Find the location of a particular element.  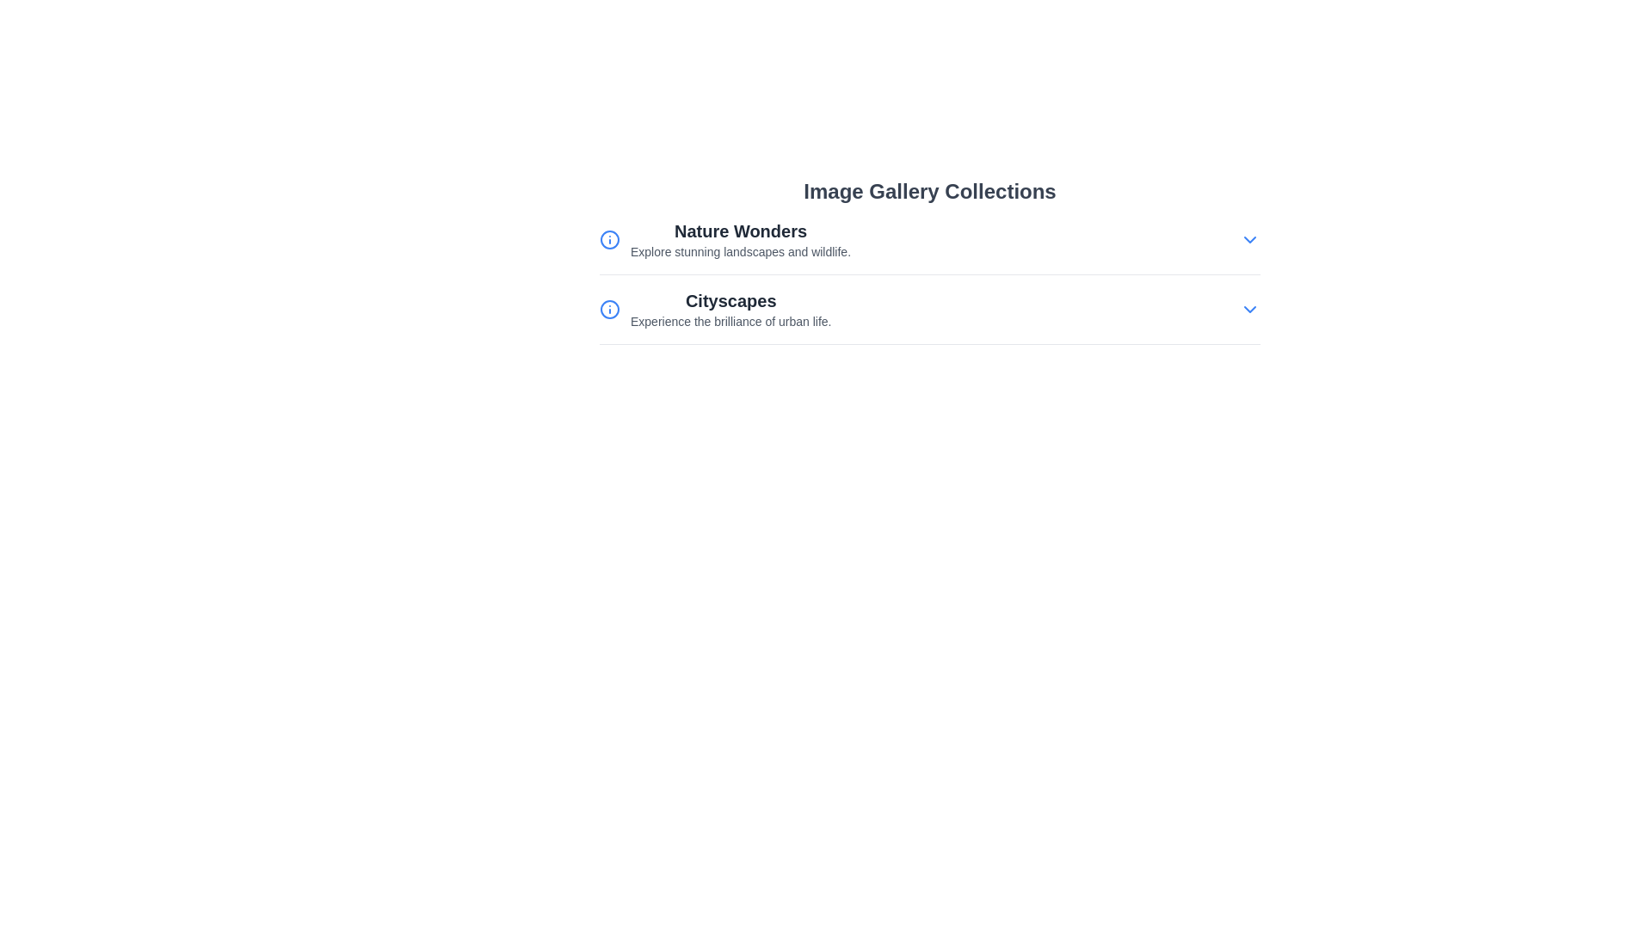

the header text element labeled 'Cityscapes', which introduces a section about urban life is located at coordinates (730, 300).